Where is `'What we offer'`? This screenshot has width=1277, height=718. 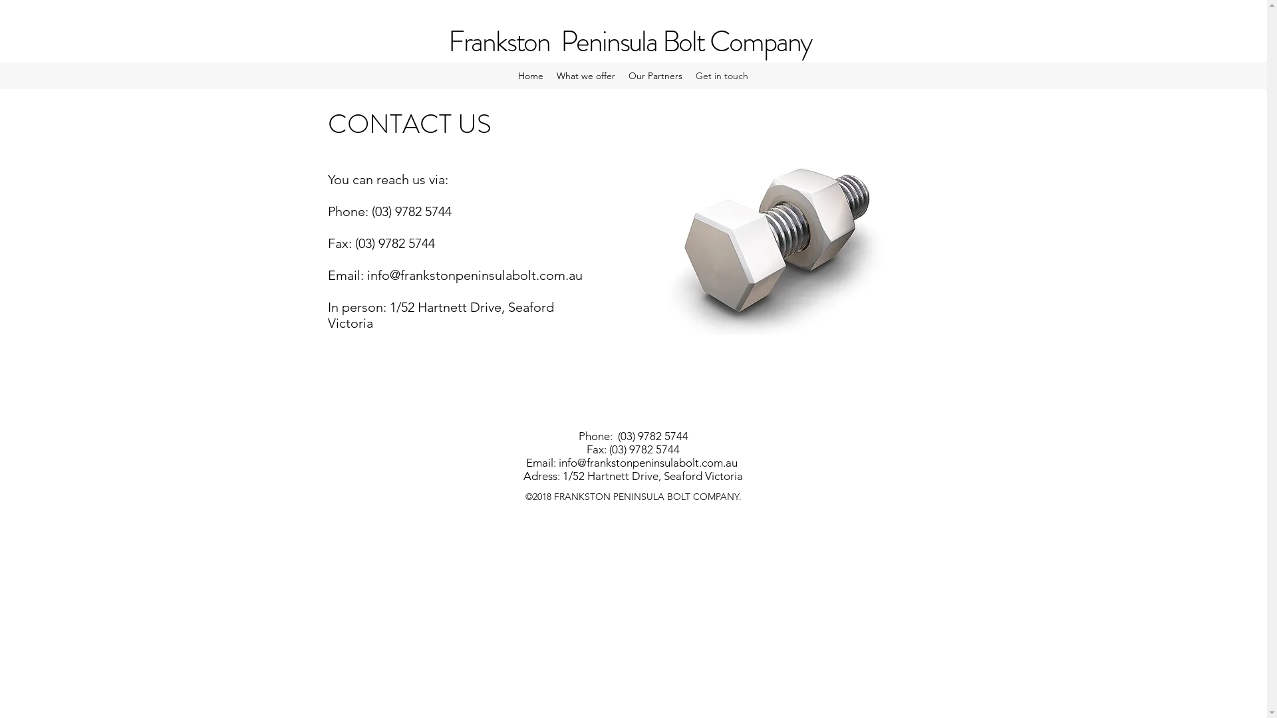
'What we offer' is located at coordinates (585, 76).